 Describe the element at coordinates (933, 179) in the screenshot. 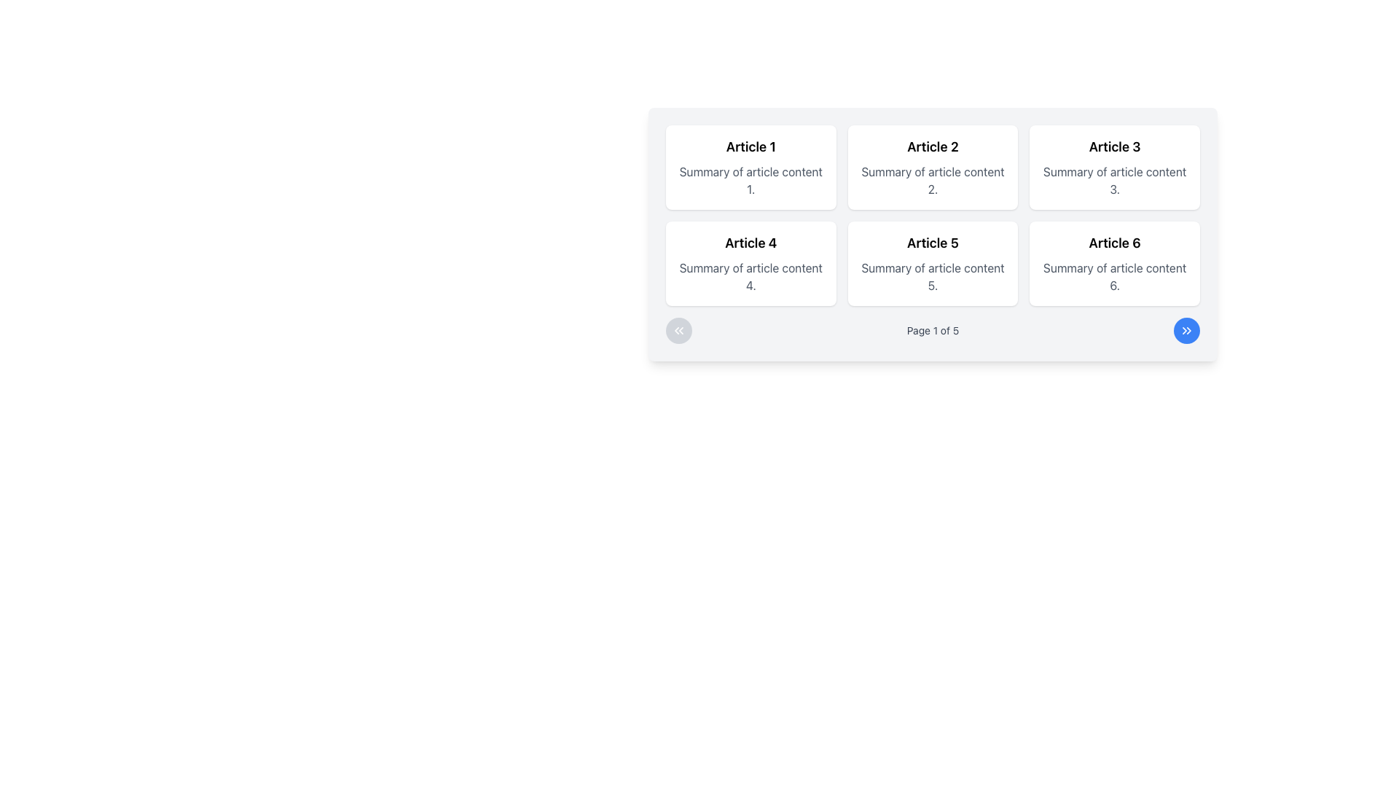

I see `the Text block that provides a summary related to 'Article 2', located in the second card of a grid layout, positioned towards the lower half beneath the heading 'Article 2'` at that location.